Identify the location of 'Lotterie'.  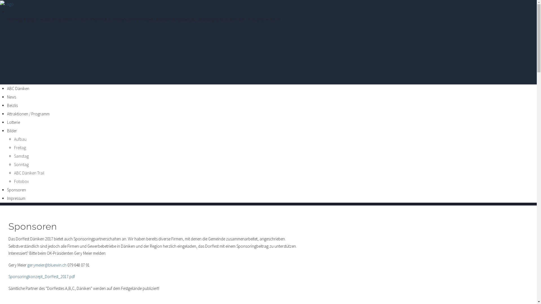
(7, 122).